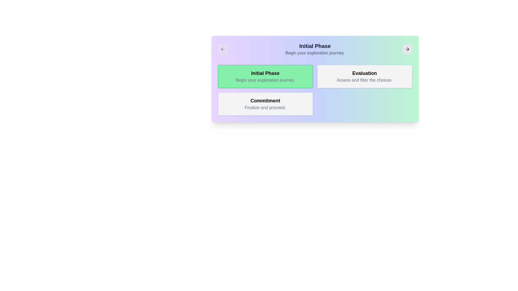  What do you see at coordinates (223, 49) in the screenshot?
I see `the small, rounded rectangular gray button with a leftward arrow icon` at bounding box center [223, 49].